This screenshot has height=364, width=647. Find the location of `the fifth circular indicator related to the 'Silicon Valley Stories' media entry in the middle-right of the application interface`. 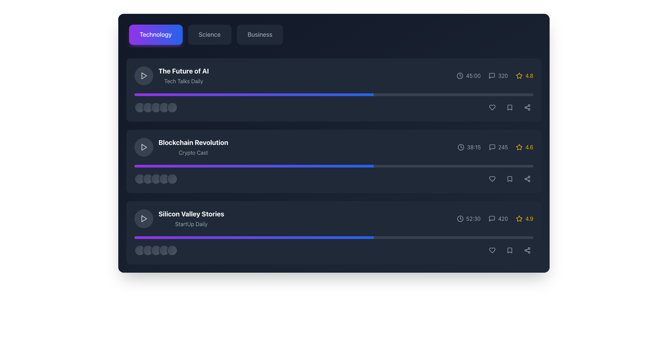

the fifth circular indicator related to the 'Silicon Valley Stories' media entry in the middle-right of the application interface is located at coordinates (172, 250).